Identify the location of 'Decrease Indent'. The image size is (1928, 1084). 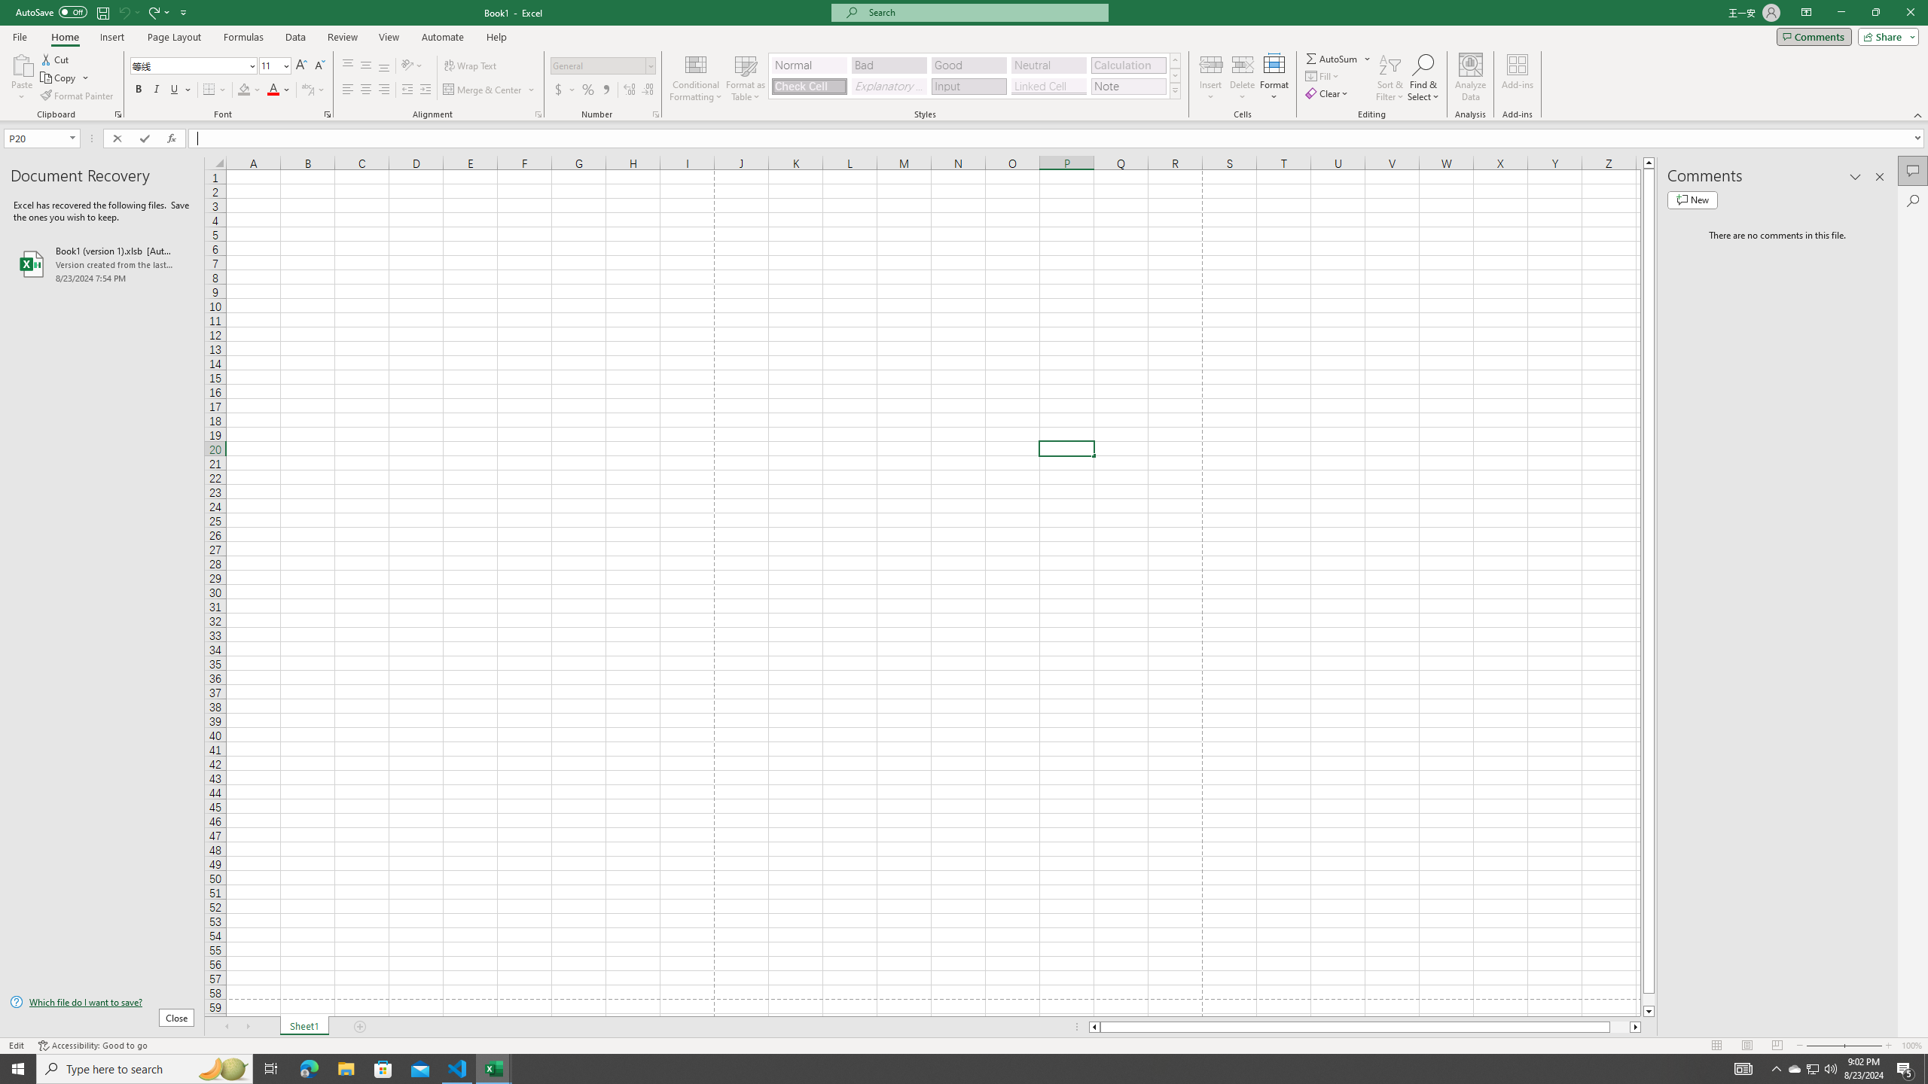
(407, 89).